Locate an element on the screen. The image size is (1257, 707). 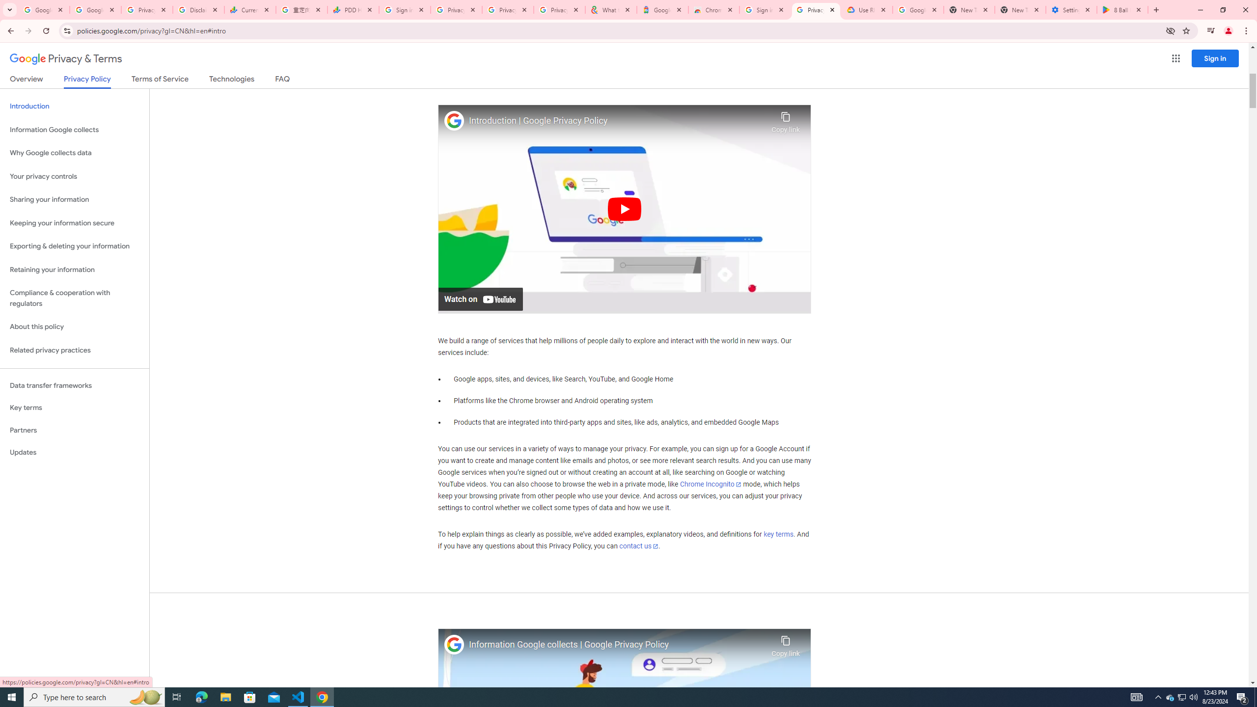
'Copy link' is located at coordinates (785, 643).